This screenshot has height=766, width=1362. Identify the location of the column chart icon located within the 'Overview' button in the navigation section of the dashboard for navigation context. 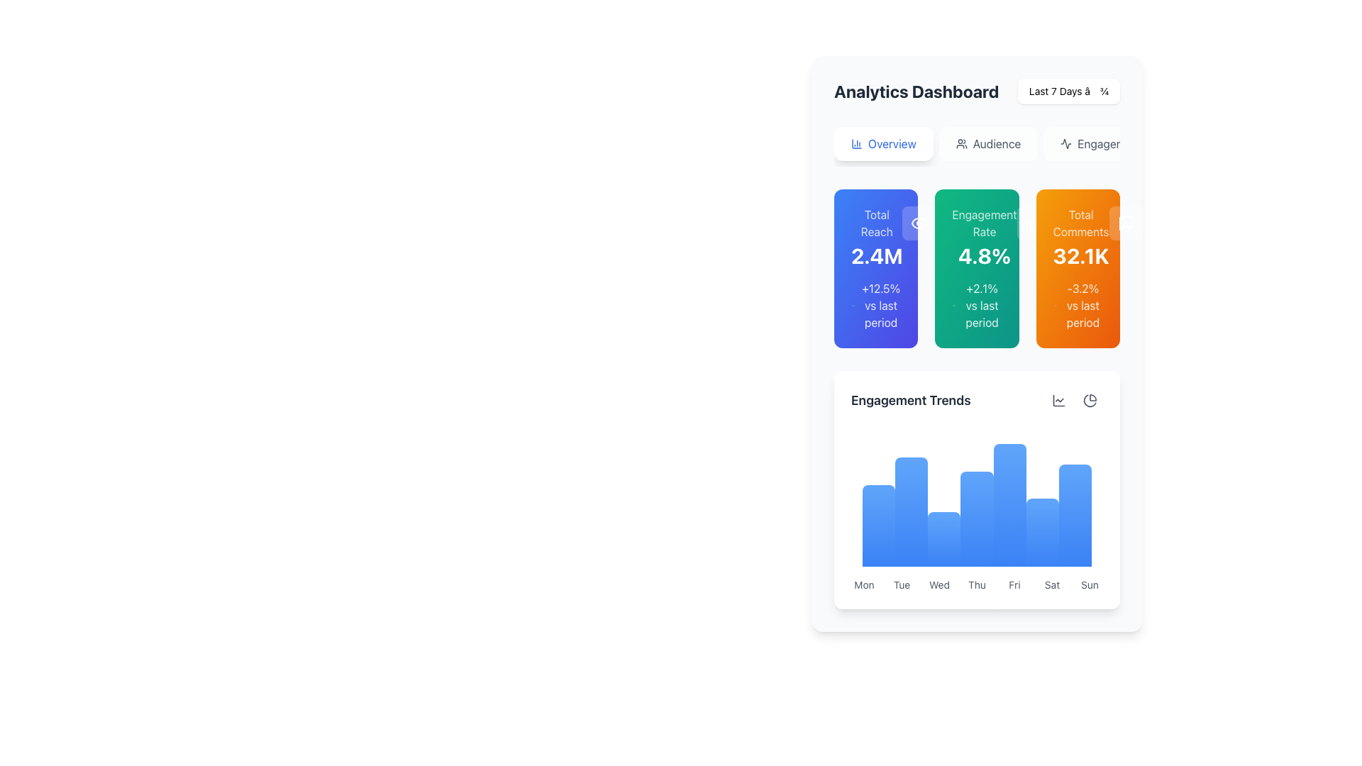
(856, 144).